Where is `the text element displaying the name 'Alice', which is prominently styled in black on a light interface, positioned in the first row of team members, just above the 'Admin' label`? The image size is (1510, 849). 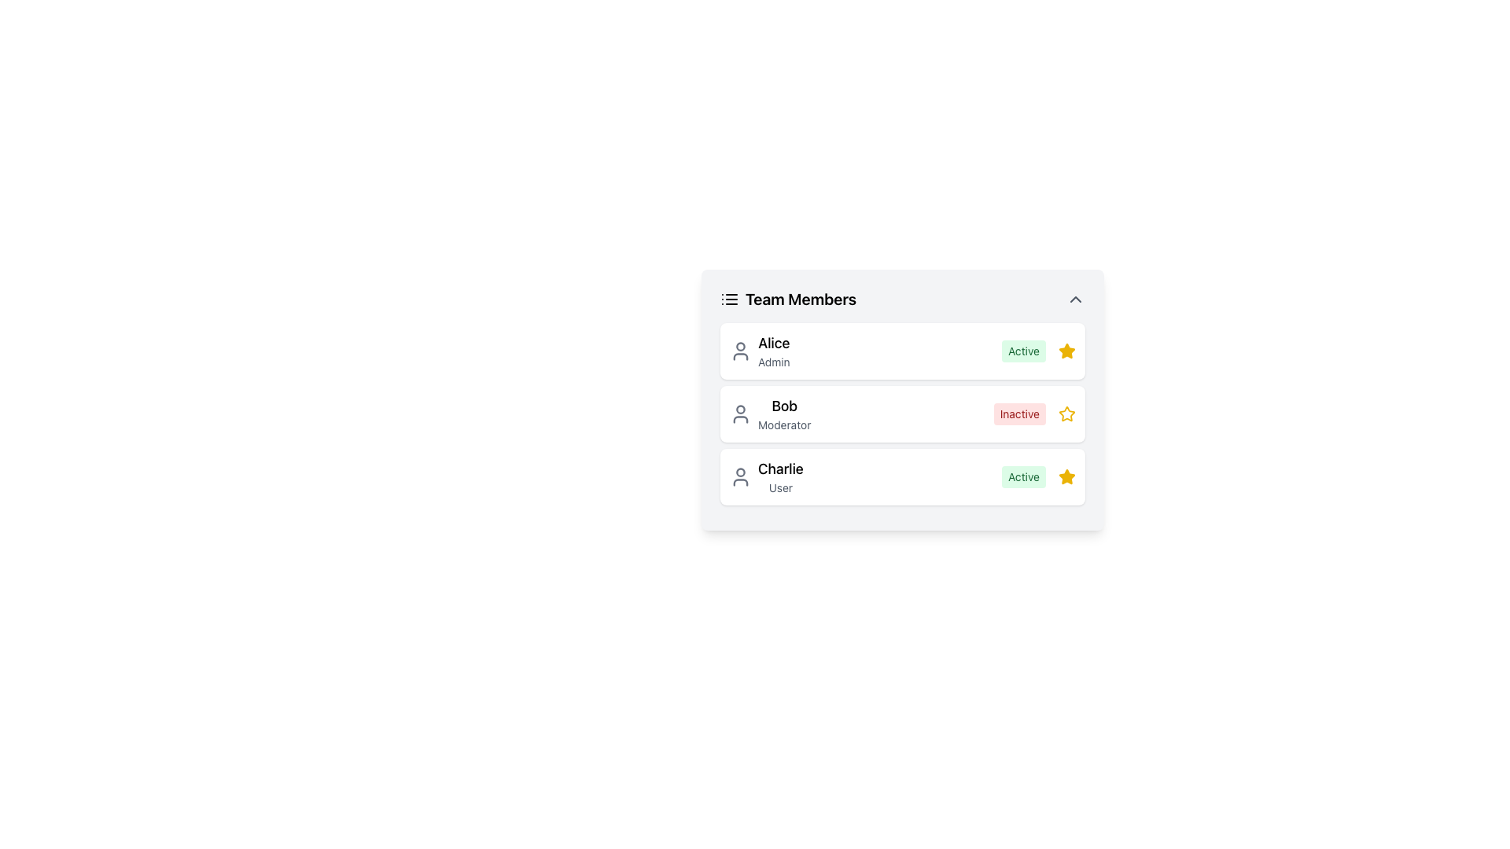 the text element displaying the name 'Alice', which is prominently styled in black on a light interface, positioned in the first row of team members, just above the 'Admin' label is located at coordinates (774, 342).